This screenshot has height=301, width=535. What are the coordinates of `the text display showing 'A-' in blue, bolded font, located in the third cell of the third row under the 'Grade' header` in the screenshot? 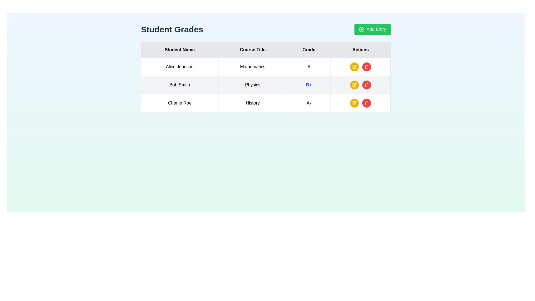 It's located at (308, 103).